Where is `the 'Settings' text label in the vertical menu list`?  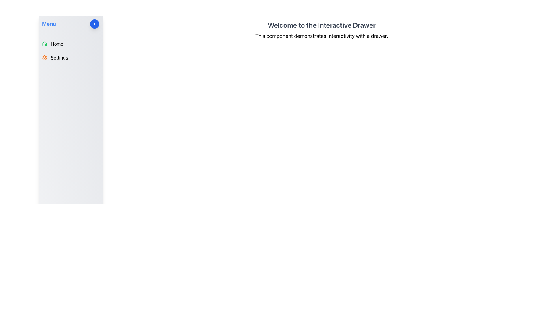
the 'Settings' text label in the vertical menu list is located at coordinates (59, 58).